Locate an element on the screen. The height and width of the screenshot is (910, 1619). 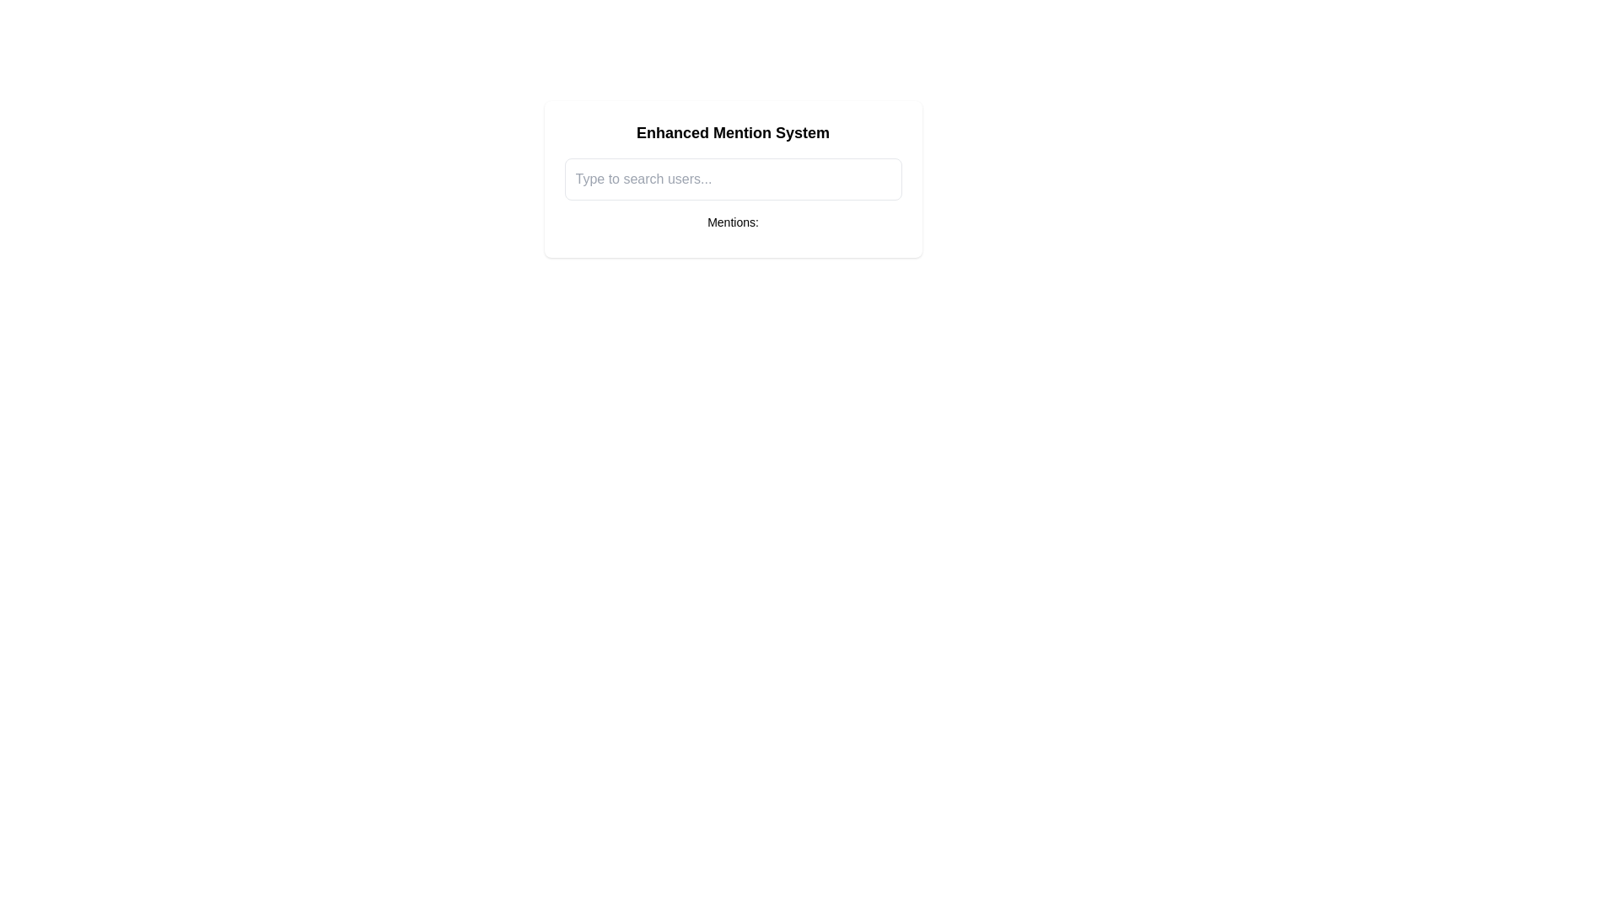
the text label stating 'Mentions:' which is styled with medium font weight and smaller font size, positioned under the search input field in the Enhanced Mention System section is located at coordinates (733, 224).